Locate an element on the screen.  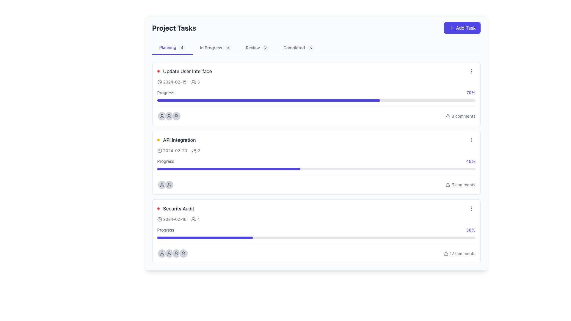
the progress bar element that visually indicates 70% completion with an indigo filled section, located centrally within a task card below the 'Progress' label is located at coordinates (316, 100).